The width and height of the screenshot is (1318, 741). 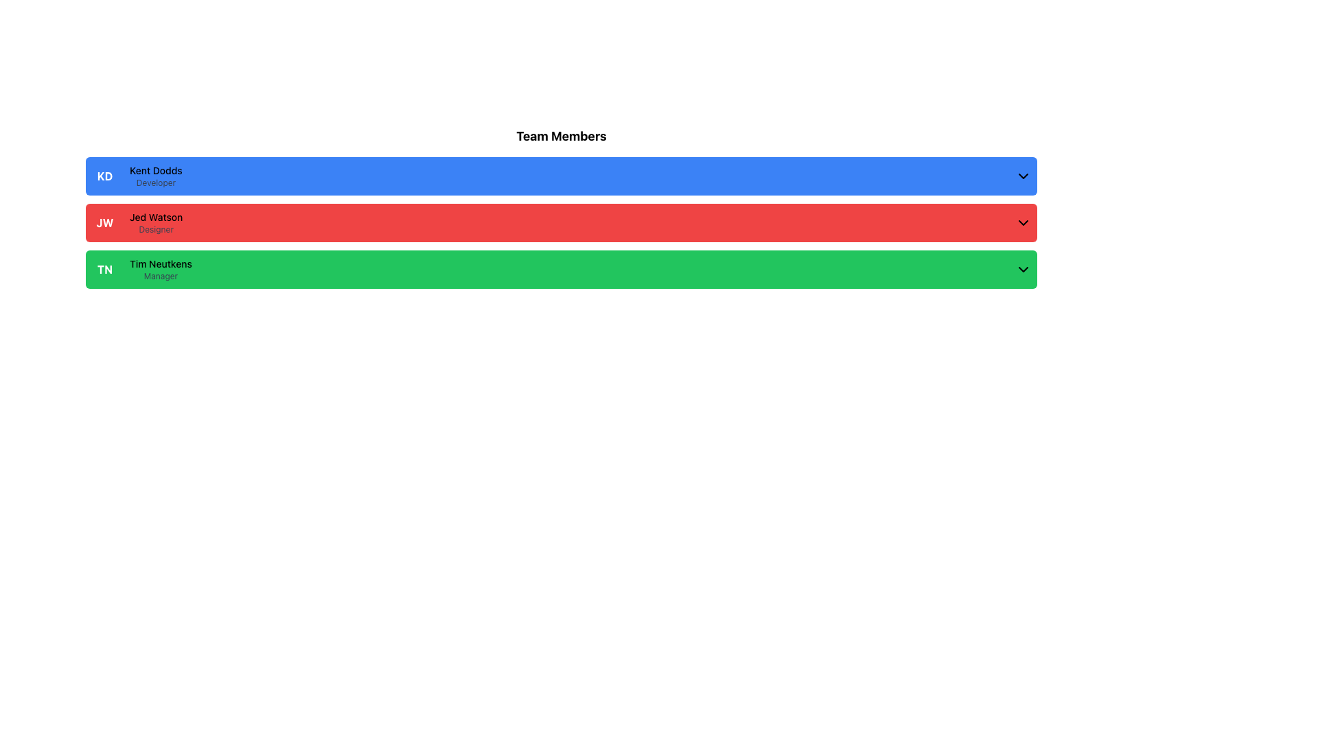 I want to click on the downward-facing chevron icon located at the far right end of the green rectangular section labeled 'Tim Neutkens, Manager', so click(x=1024, y=270).